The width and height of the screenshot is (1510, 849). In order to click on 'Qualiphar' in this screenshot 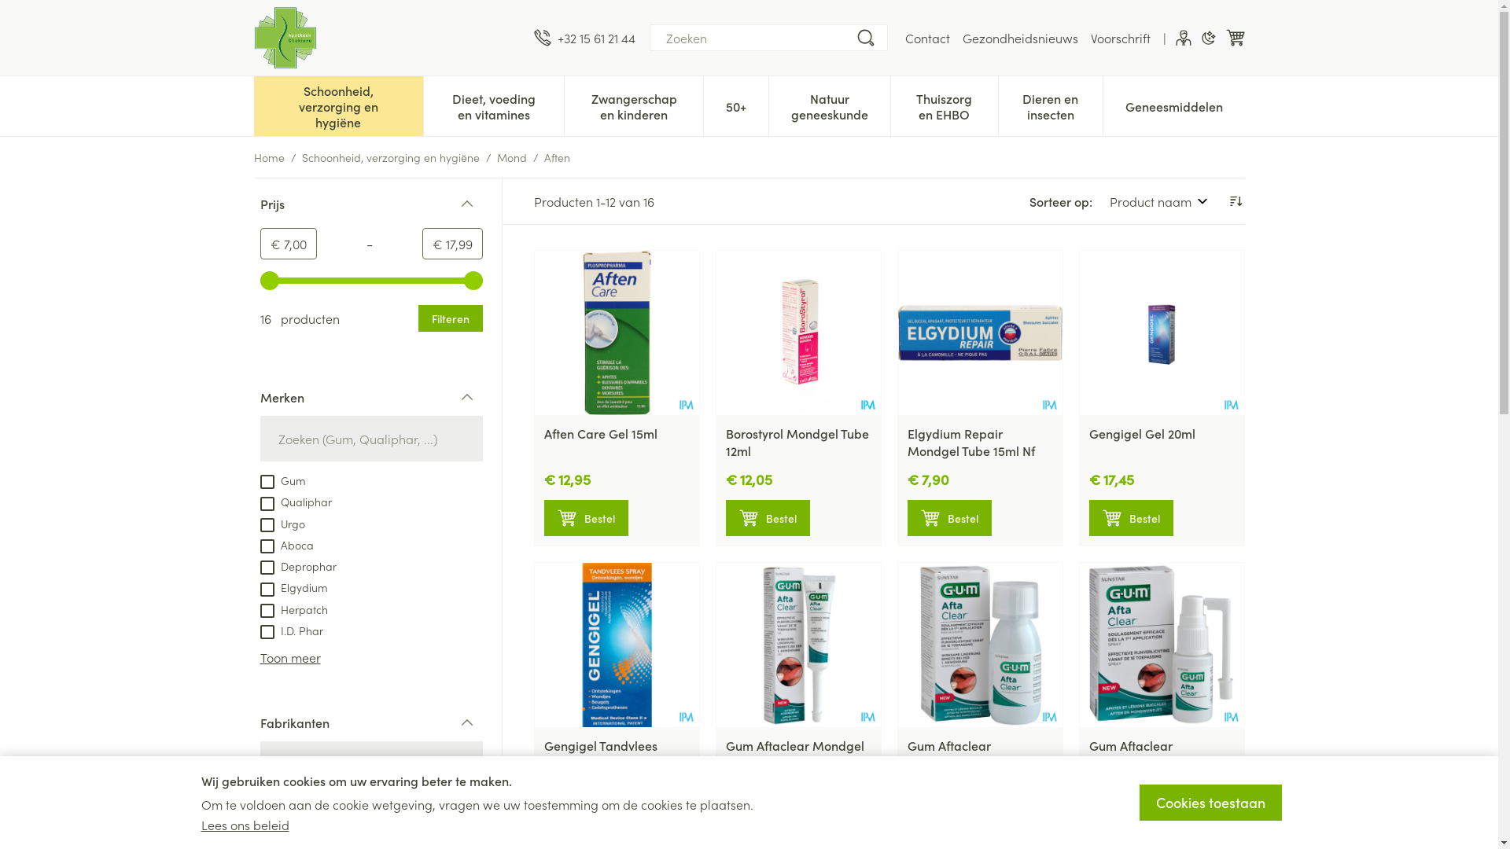, I will do `click(260, 500)`.